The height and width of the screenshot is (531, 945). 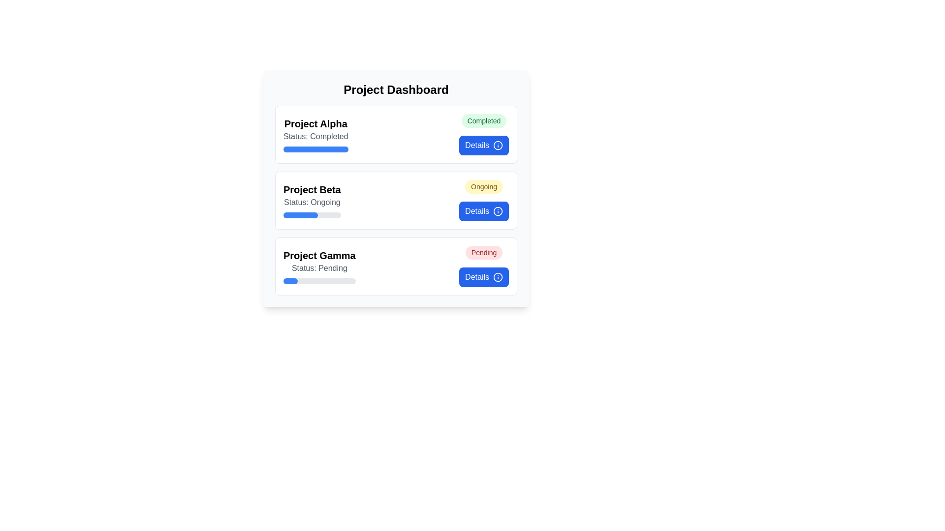 I want to click on the circular graphic with a centered dot that is part of the 'Details' button next to the 'Completed' status indicator for the 'Project Alpha' entry, so click(x=498, y=146).